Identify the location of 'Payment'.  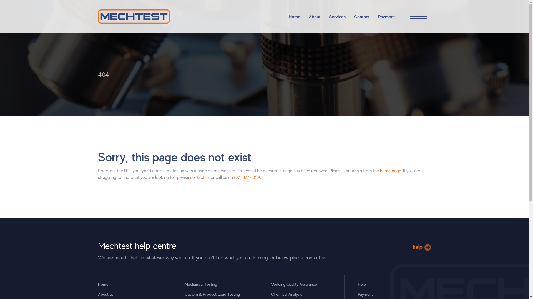
(365, 294).